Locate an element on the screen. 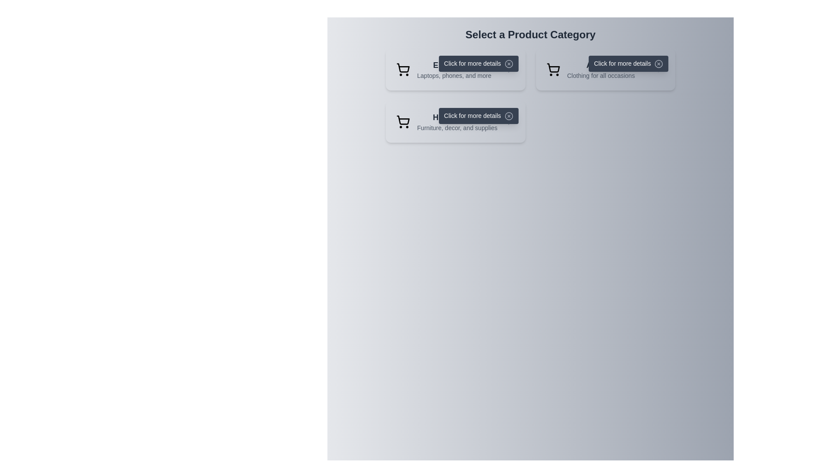 The width and height of the screenshot is (836, 470). the circular SVG graphic located at the end of the label 'Click for more details' in the top left category card of the displayed grid is located at coordinates (509, 64).